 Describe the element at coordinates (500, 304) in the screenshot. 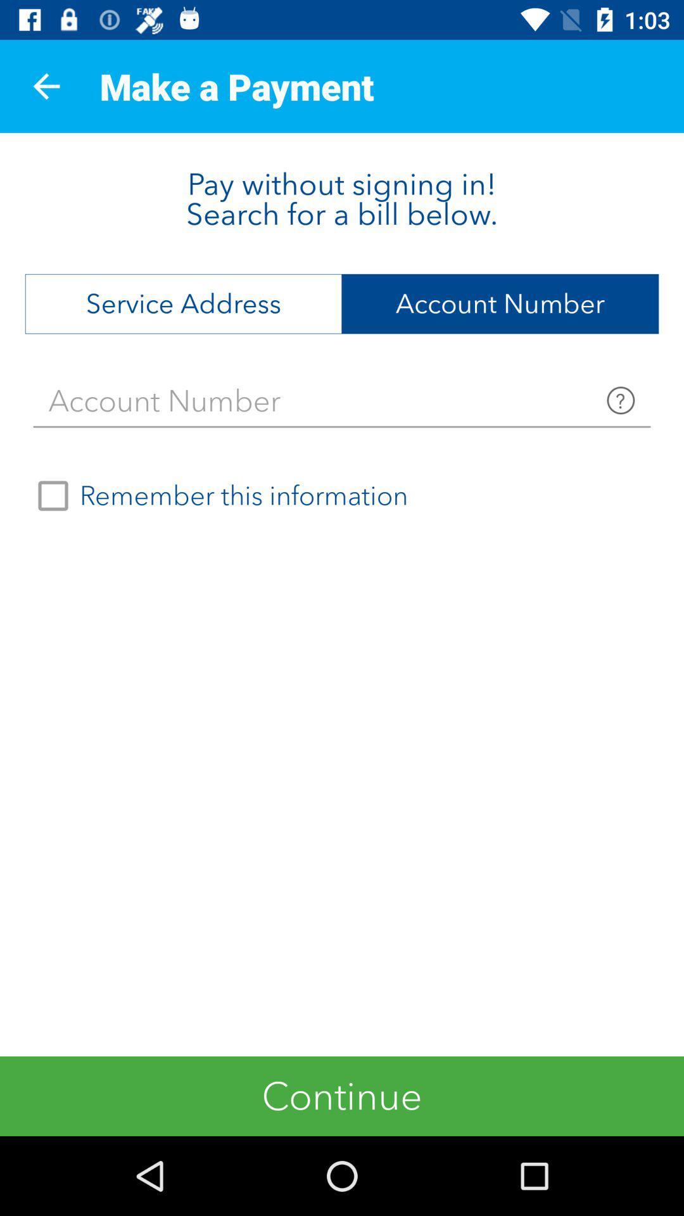

I see `the icon at the top right corner` at that location.